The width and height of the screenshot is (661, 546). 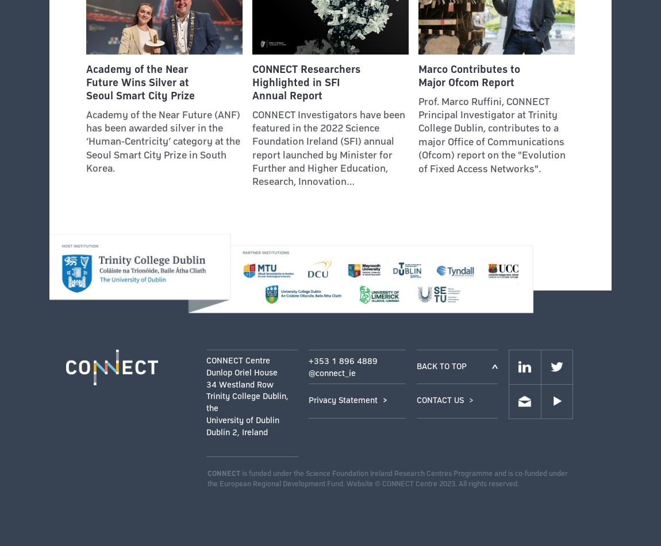 I want to click on 'CONNECT Centre', so click(x=238, y=359).